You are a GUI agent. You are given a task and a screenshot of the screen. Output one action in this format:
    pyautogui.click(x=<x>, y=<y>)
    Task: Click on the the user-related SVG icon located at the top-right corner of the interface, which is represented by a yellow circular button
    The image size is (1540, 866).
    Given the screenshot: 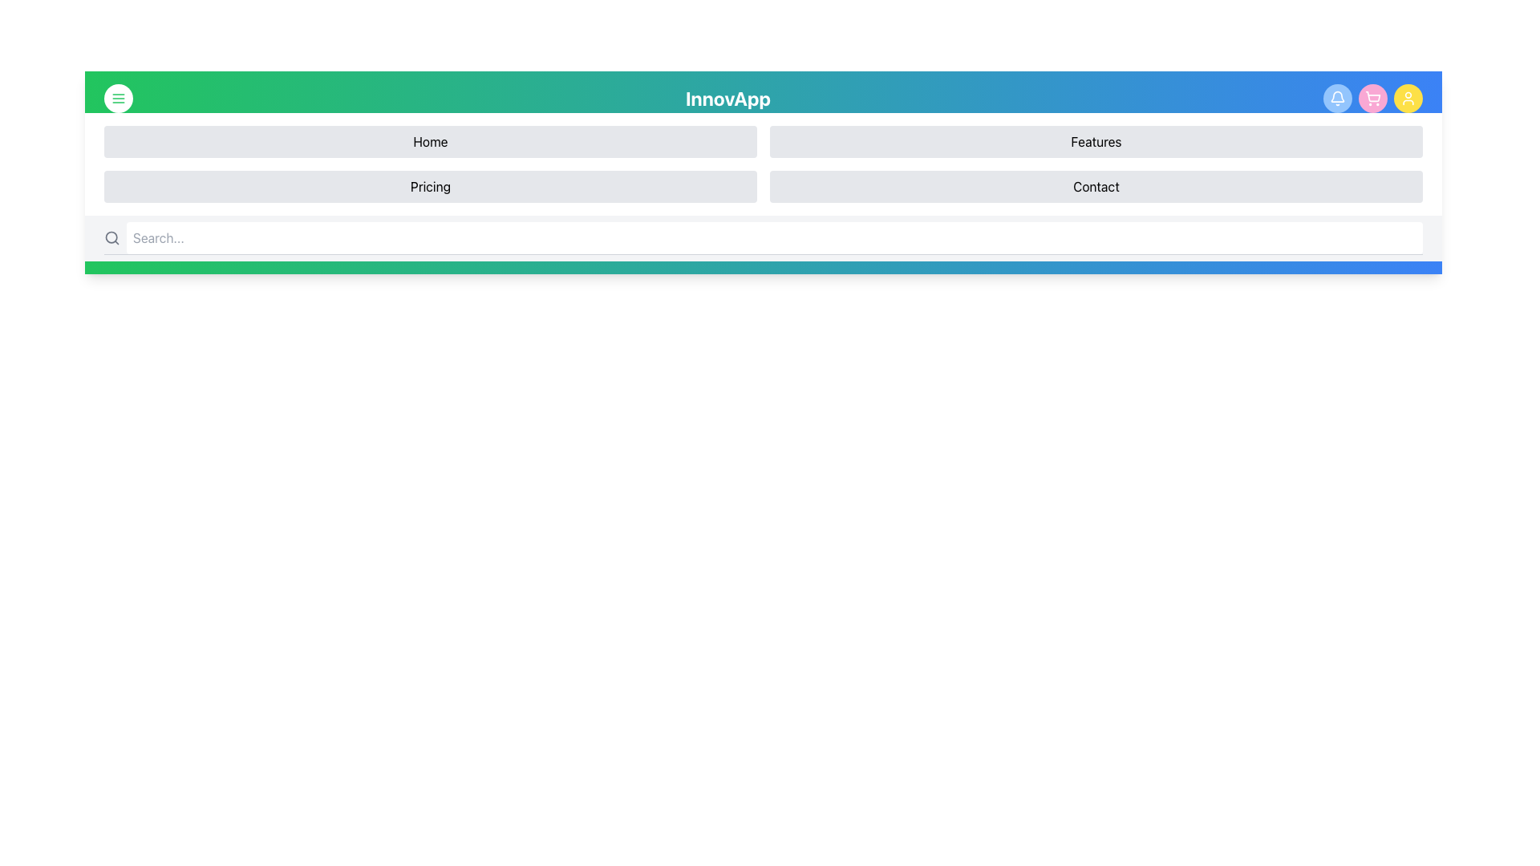 What is the action you would take?
    pyautogui.click(x=1408, y=99)
    